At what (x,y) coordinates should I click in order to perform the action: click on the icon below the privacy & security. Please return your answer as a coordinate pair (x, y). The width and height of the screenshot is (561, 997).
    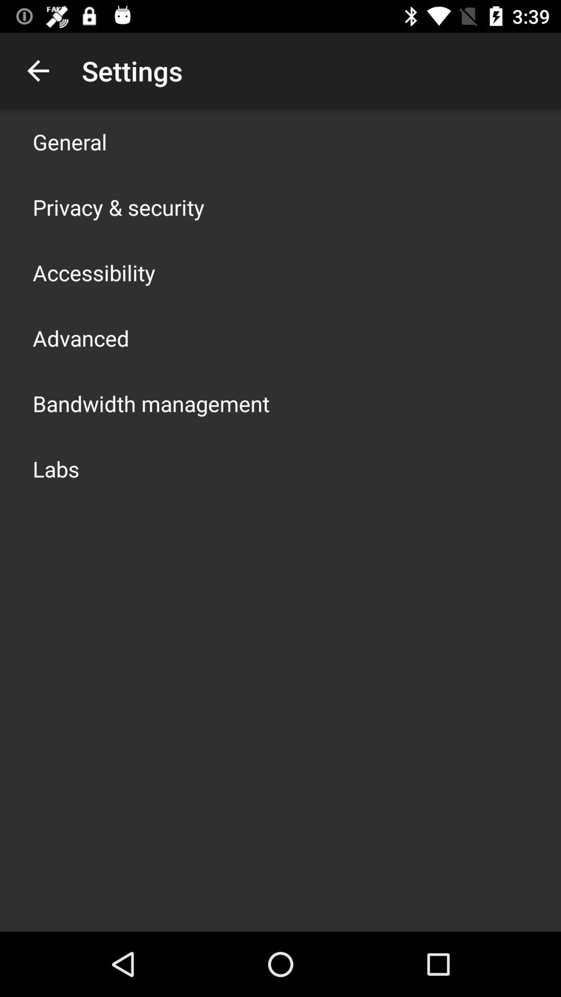
    Looking at the image, I should click on (94, 272).